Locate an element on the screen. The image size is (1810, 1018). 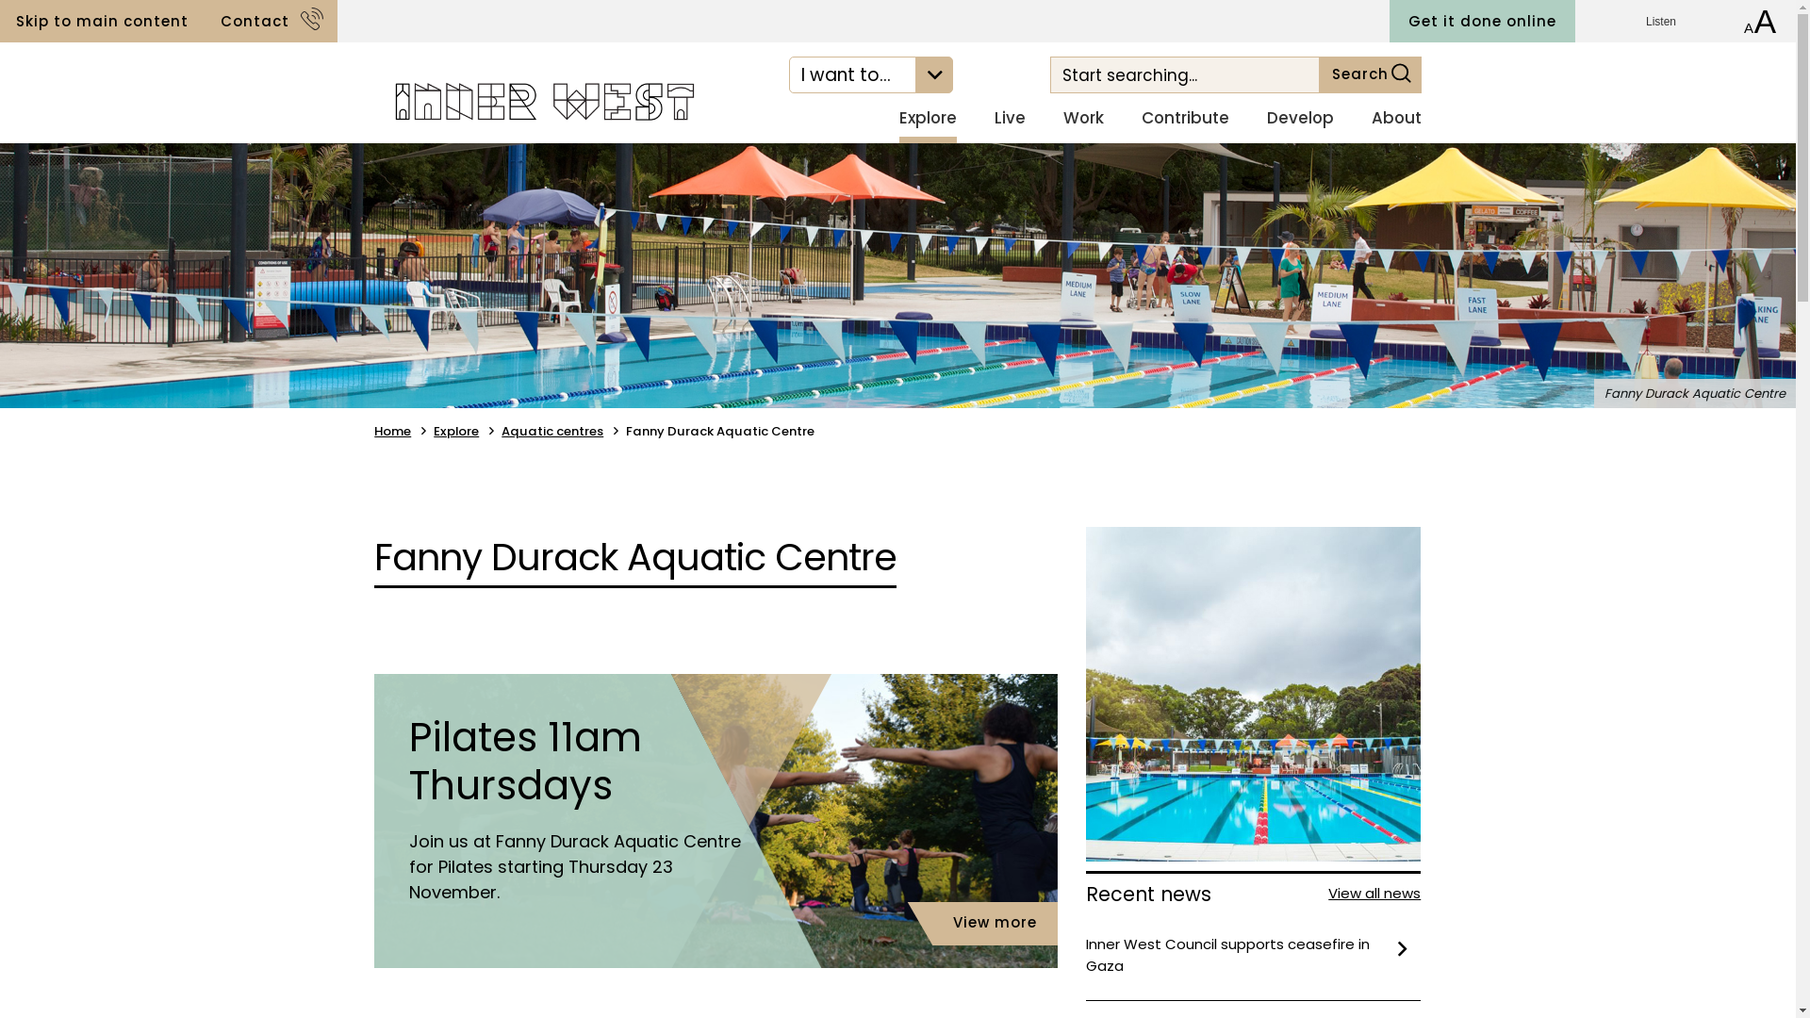
'View all news' is located at coordinates (1374, 892).